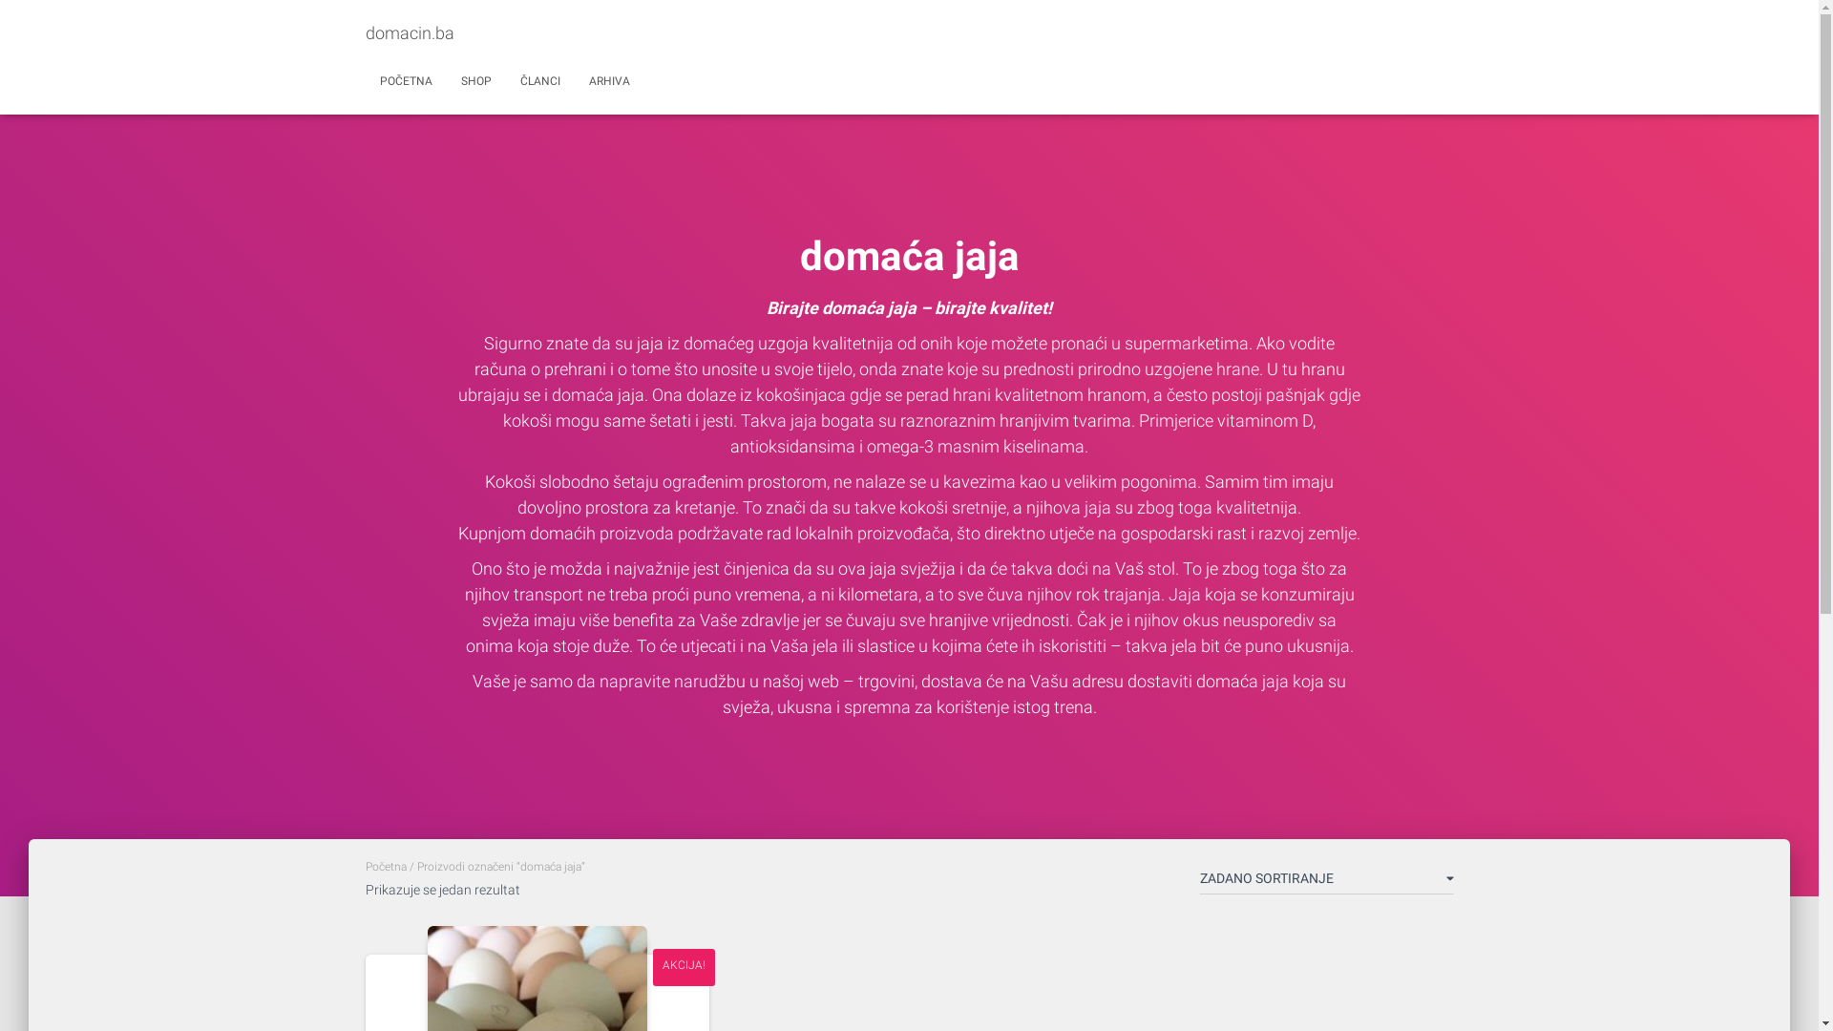 The image size is (1833, 1031). I want to click on 'ARHIVA', so click(573, 79).